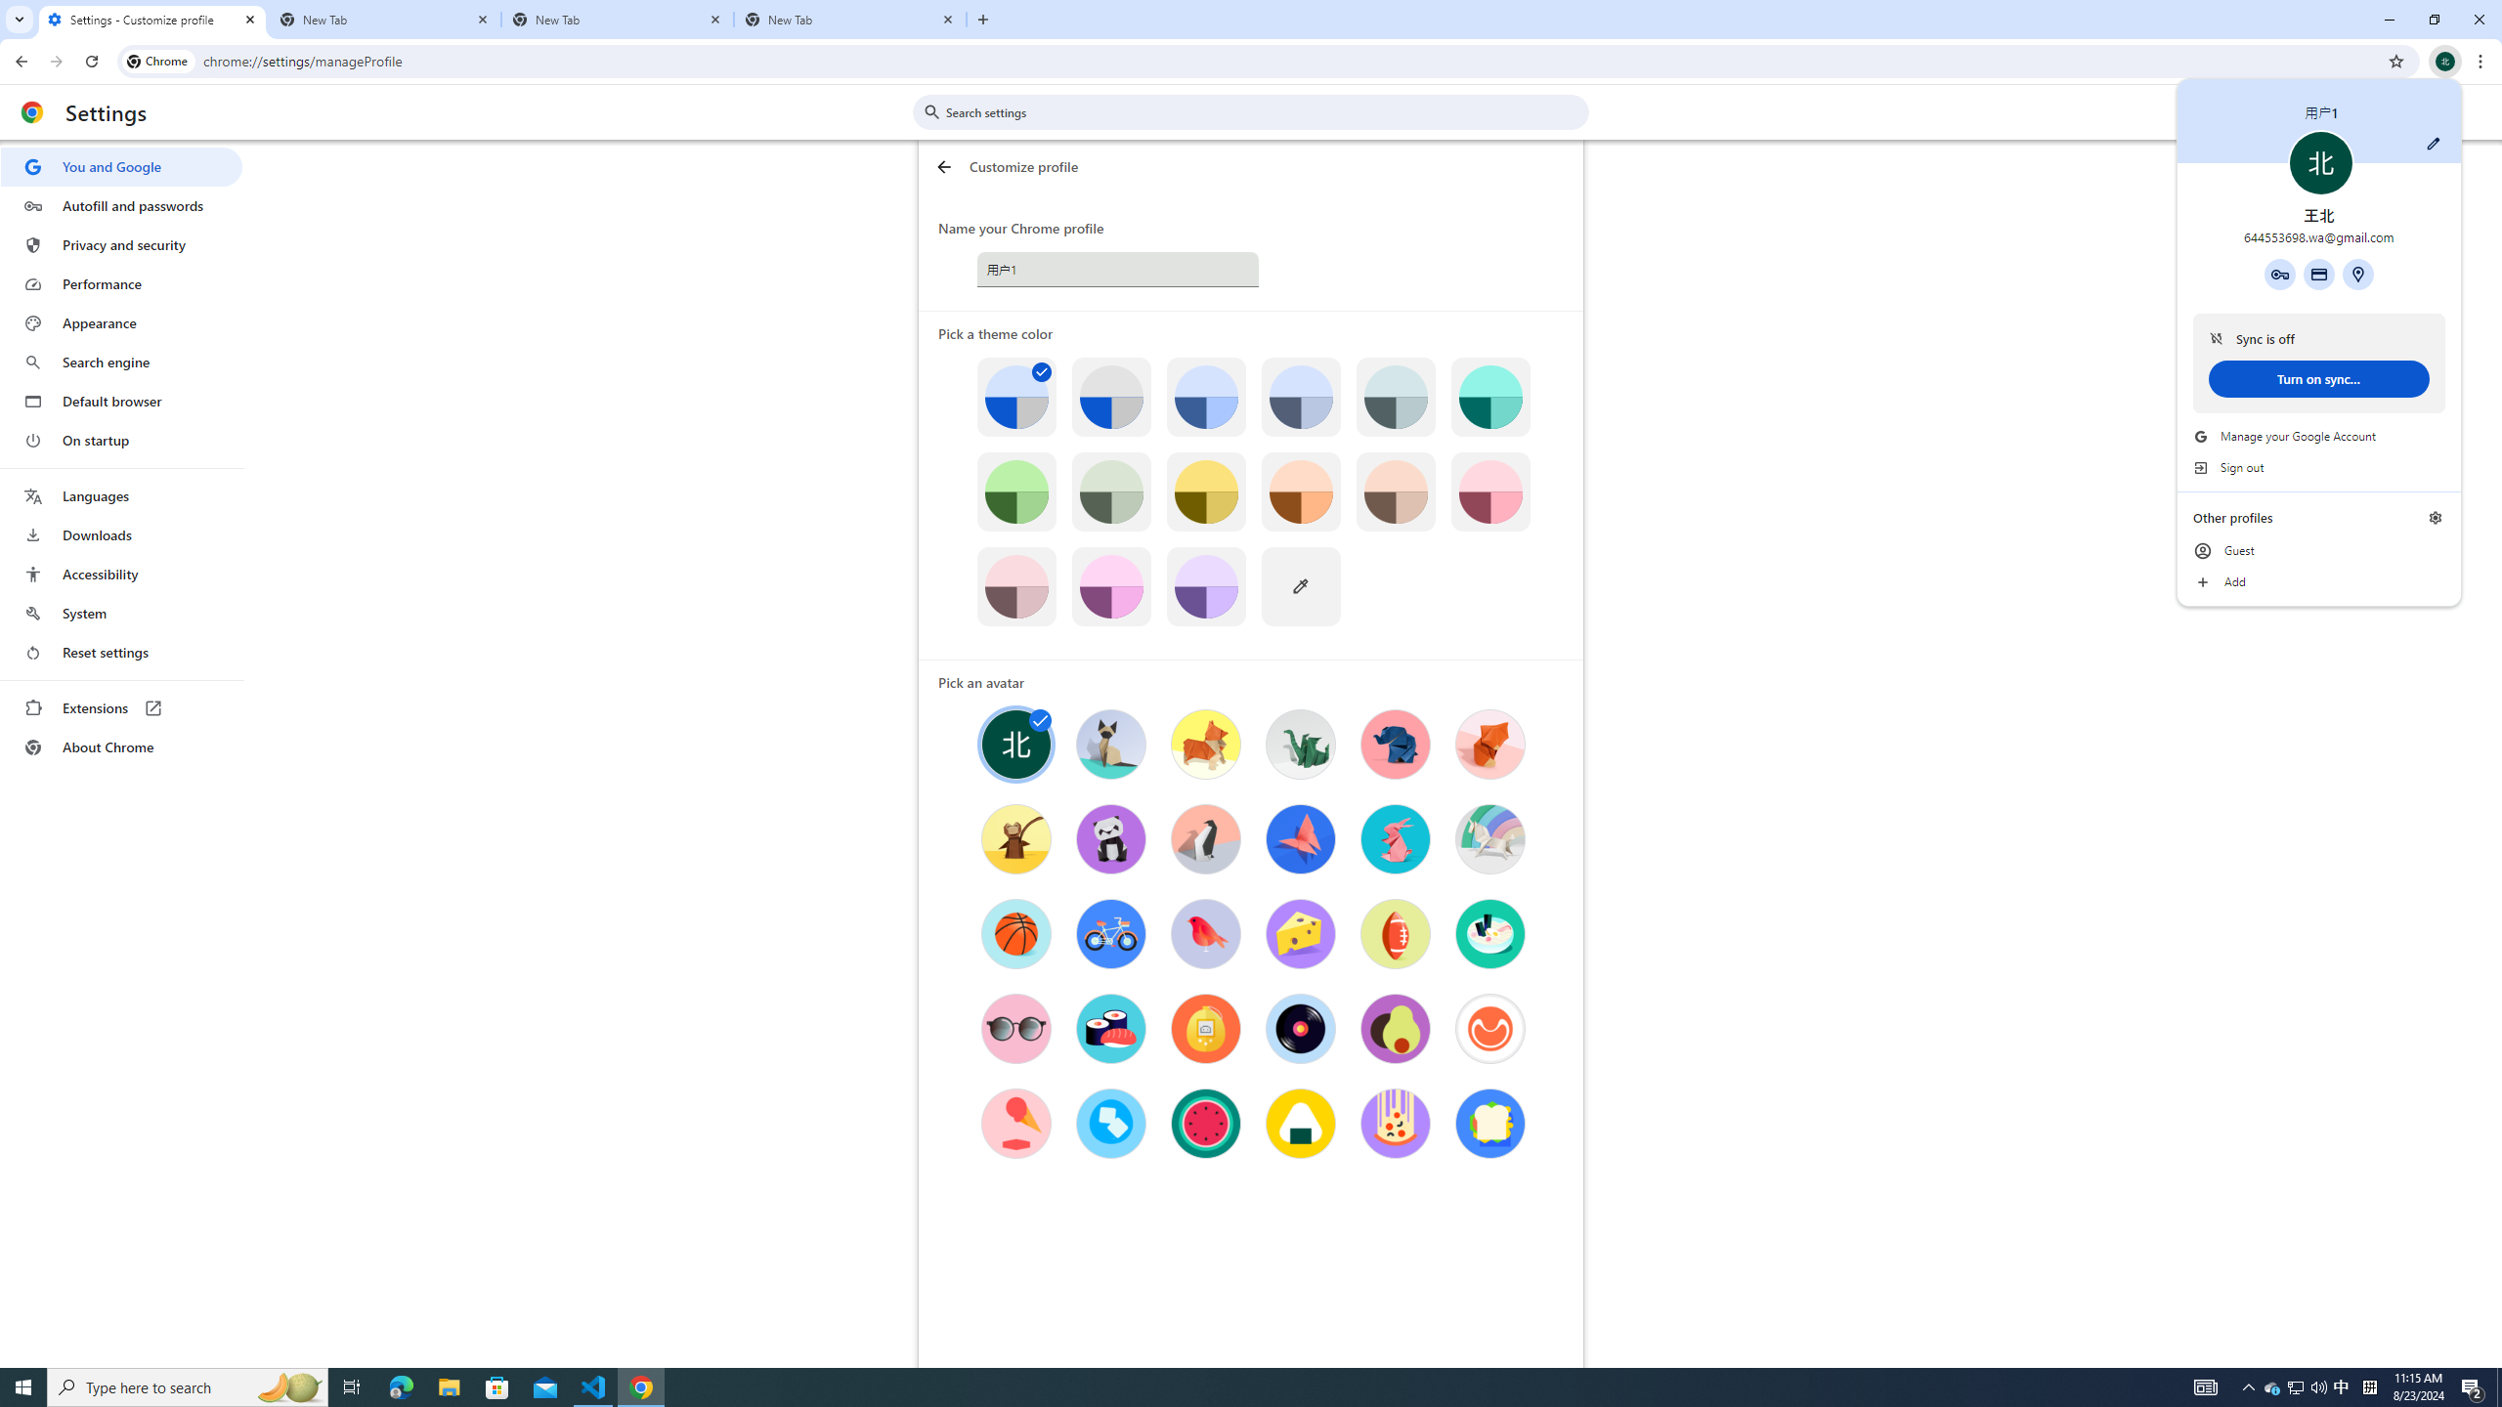 The image size is (2502, 1407). Describe the element at coordinates (120, 283) in the screenshot. I see `'Performance'` at that location.